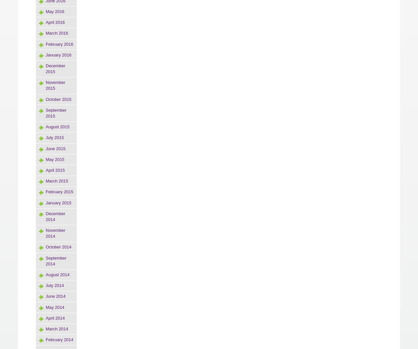  What do you see at coordinates (58, 247) in the screenshot?
I see `'October 2014'` at bounding box center [58, 247].